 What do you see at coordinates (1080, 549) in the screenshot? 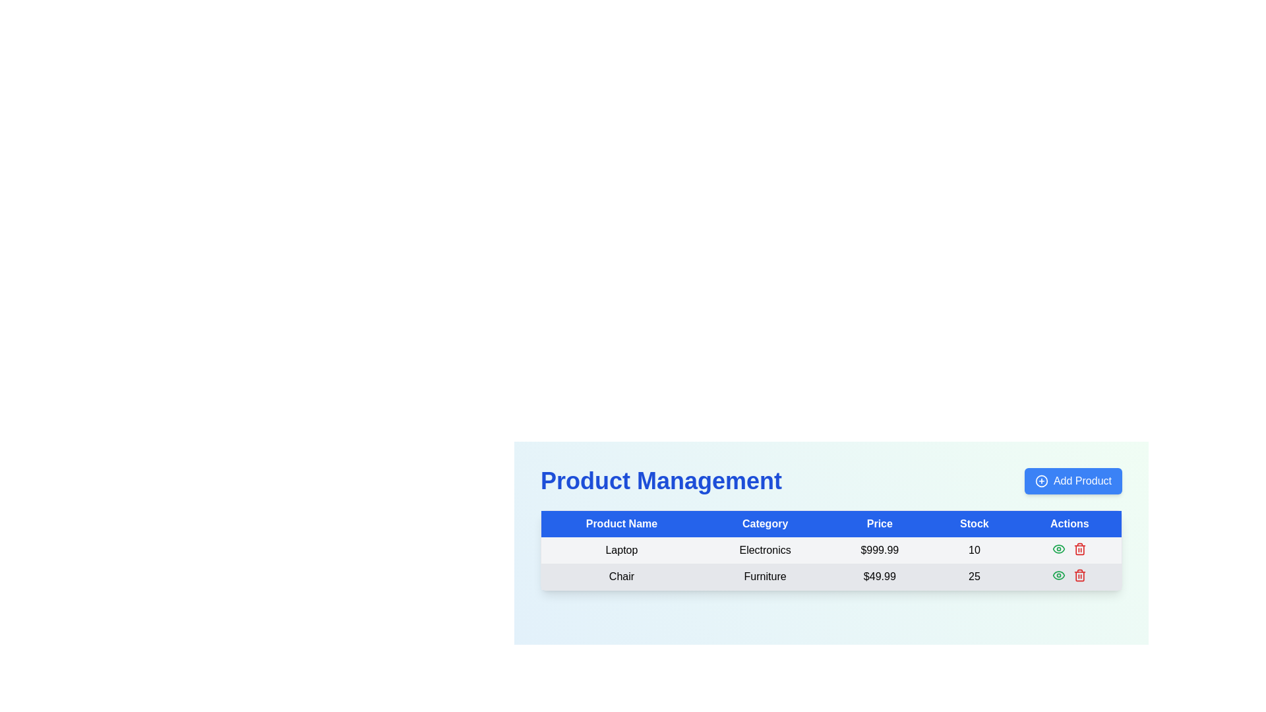
I see `the deletion icon button located in the last column of the first row under the 'Actions' column to observe tooltip information` at bounding box center [1080, 549].